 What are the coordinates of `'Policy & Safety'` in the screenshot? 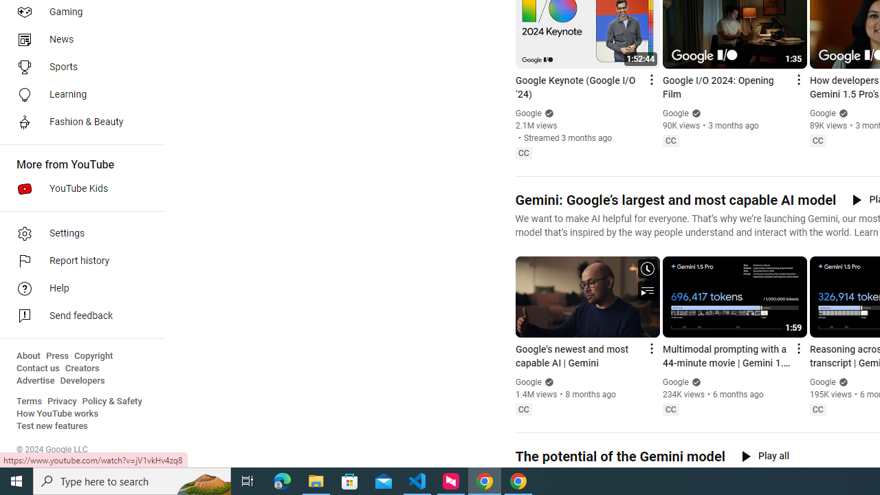 It's located at (112, 401).